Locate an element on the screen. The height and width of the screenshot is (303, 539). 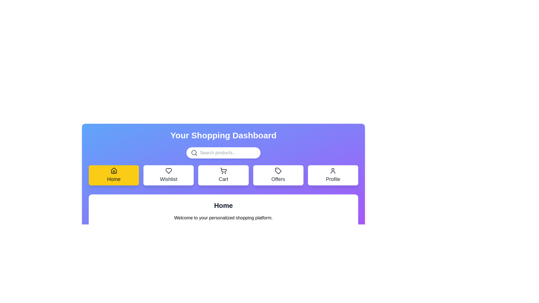
the 'Home' text label, which is a bold, larger black text centrally positioned within a white box with rounded corners is located at coordinates (223, 205).